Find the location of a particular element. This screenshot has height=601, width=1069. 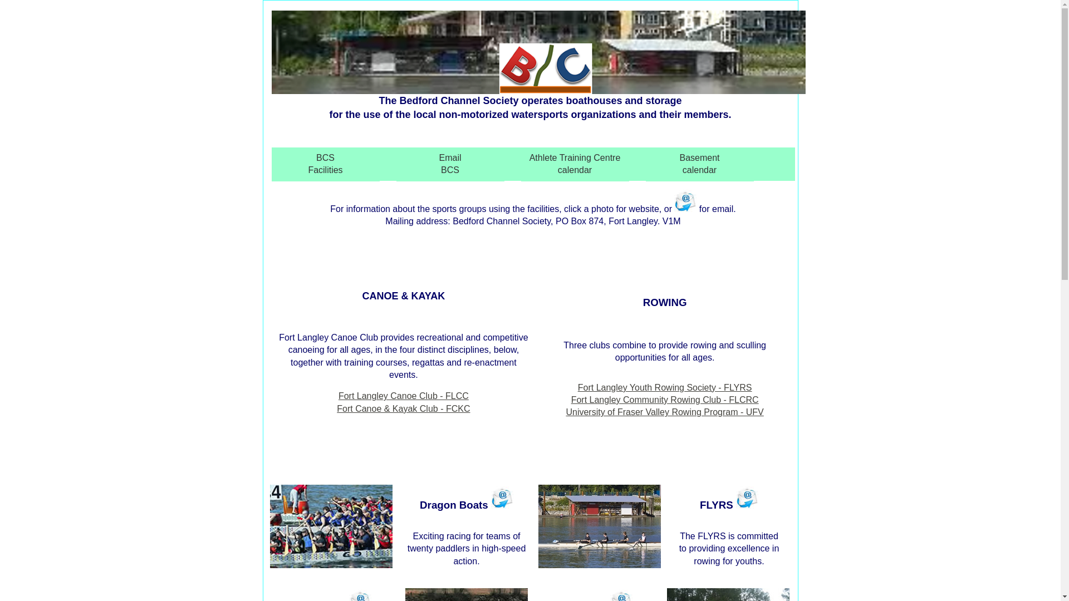

'Fort Canoe & Kayak Club - FCKC' is located at coordinates (336, 408).